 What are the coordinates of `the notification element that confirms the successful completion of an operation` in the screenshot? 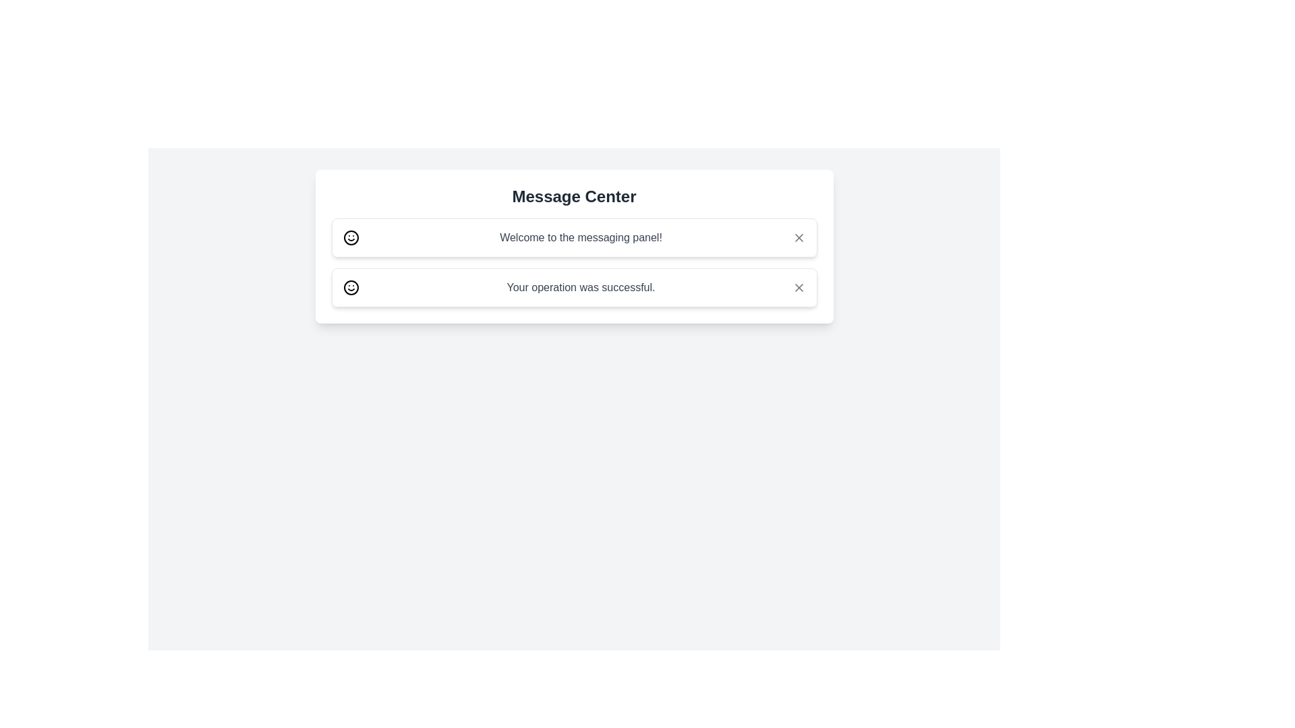 It's located at (574, 287).